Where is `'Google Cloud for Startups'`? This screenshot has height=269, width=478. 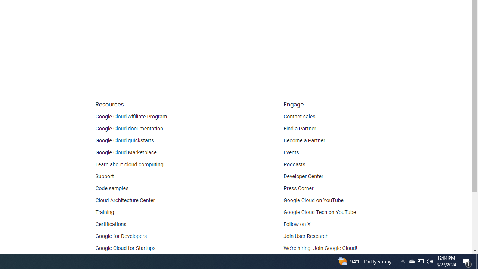
'Google Cloud for Startups' is located at coordinates (125, 248).